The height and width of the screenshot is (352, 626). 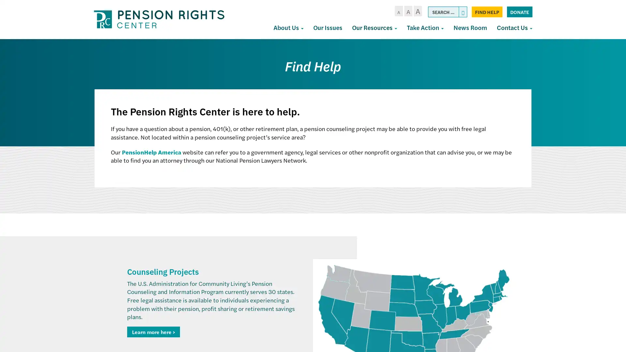 I want to click on A, so click(x=406, y=11).